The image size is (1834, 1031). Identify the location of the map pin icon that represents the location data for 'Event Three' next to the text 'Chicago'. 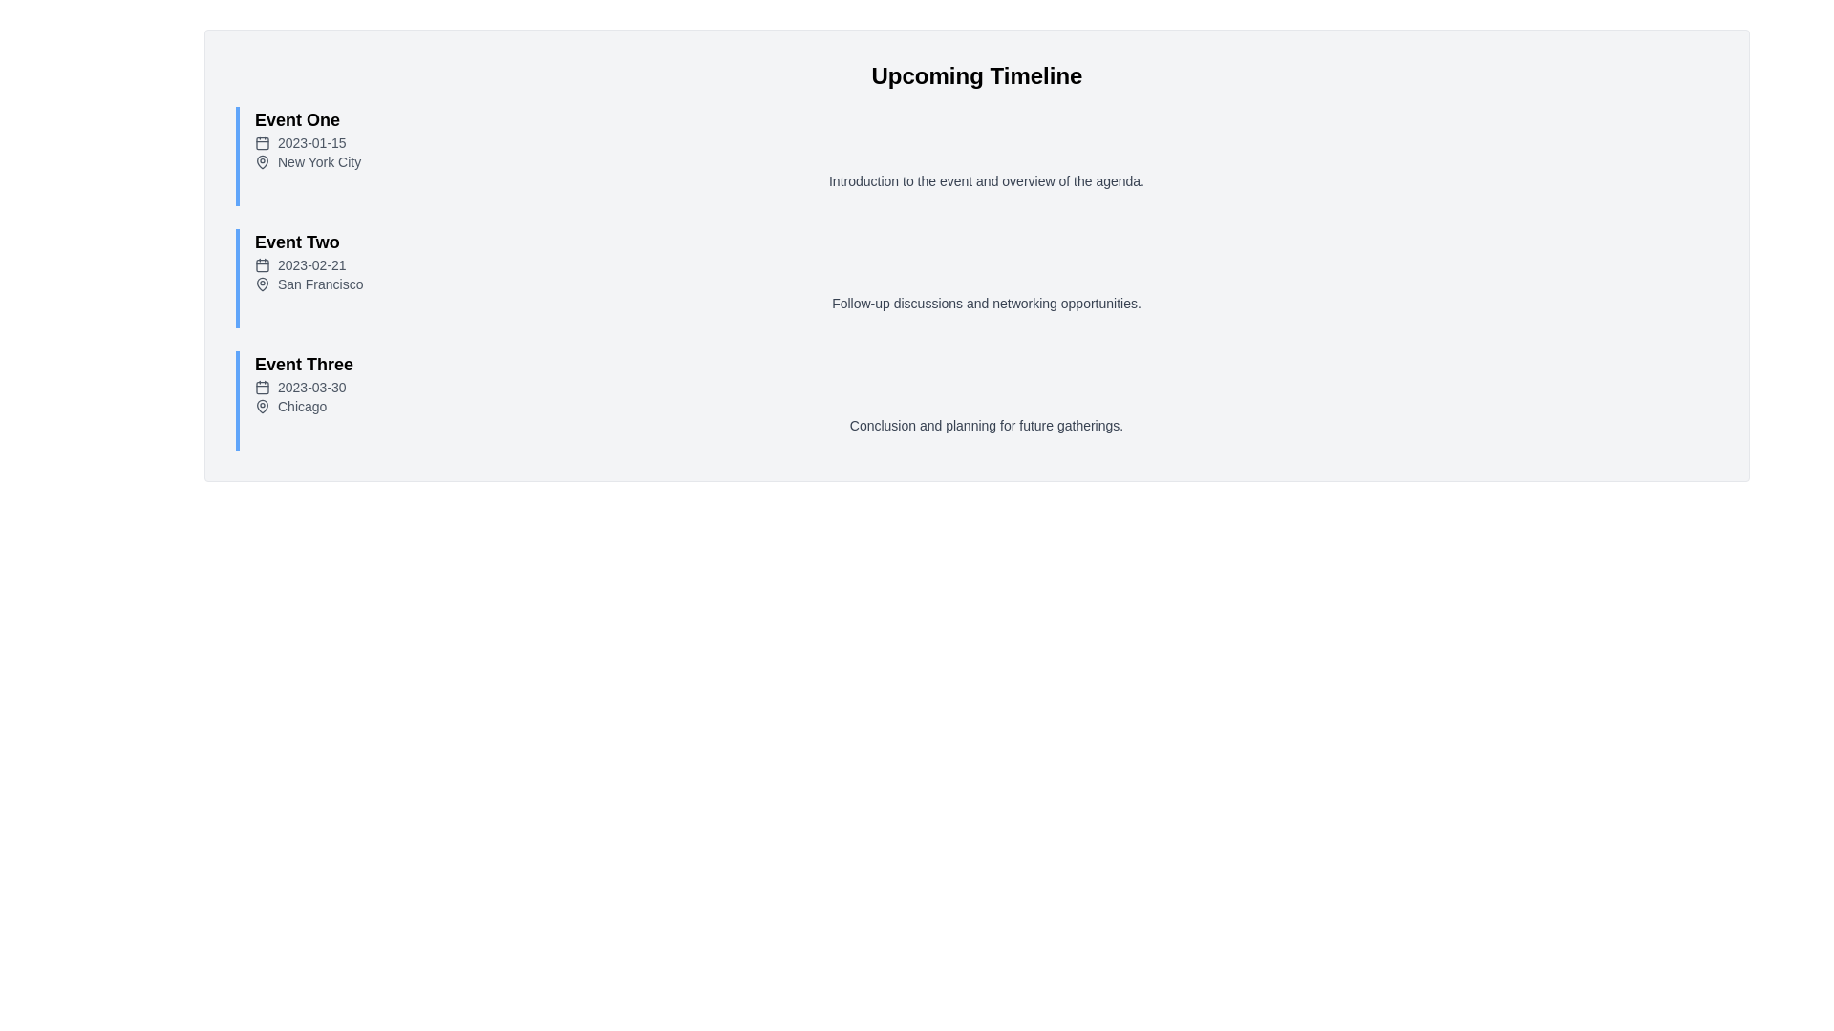
(261, 404).